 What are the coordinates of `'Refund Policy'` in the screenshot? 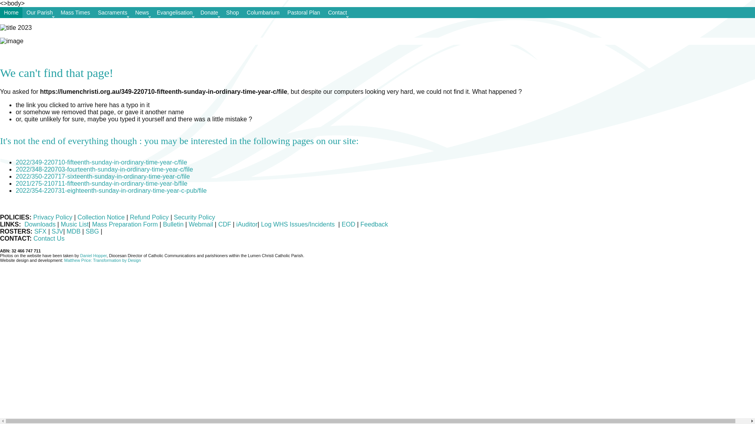 It's located at (150, 217).